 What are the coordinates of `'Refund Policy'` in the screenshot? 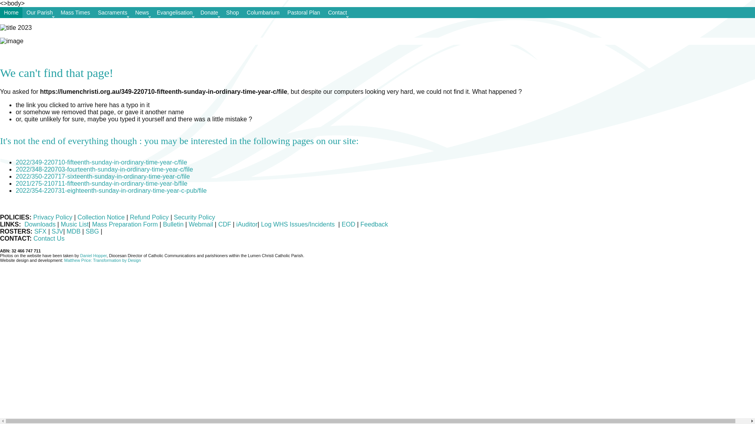 It's located at (150, 217).